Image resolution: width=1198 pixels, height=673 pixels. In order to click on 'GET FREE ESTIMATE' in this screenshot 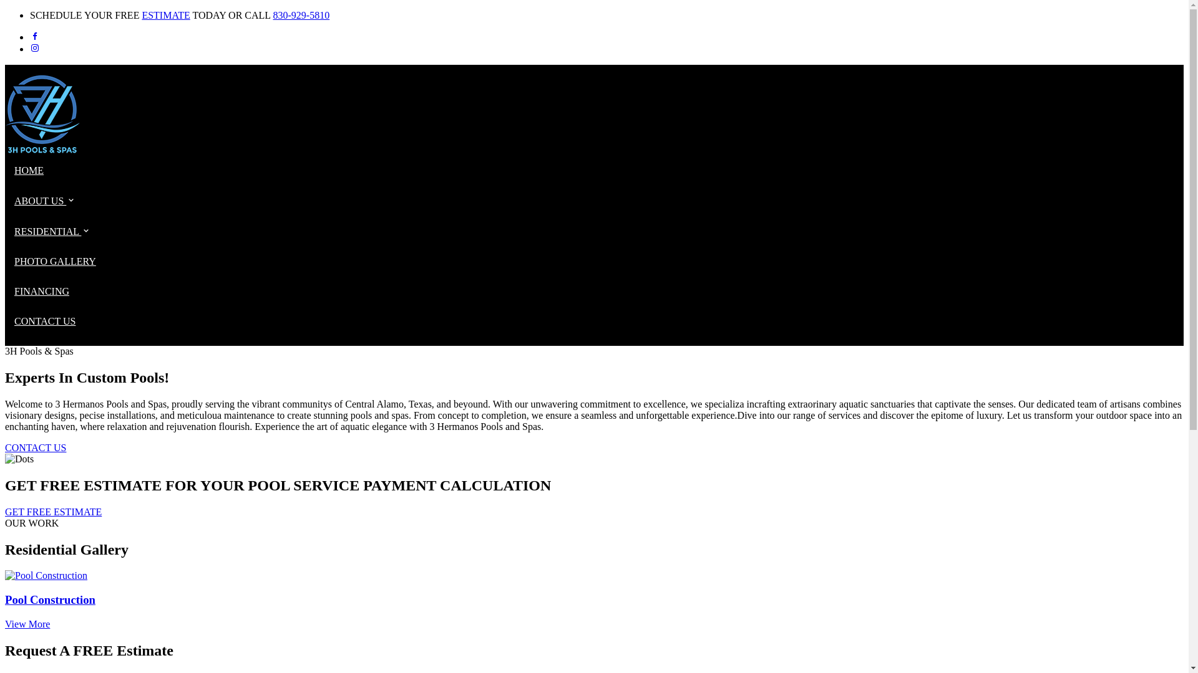, I will do `click(52, 512)`.